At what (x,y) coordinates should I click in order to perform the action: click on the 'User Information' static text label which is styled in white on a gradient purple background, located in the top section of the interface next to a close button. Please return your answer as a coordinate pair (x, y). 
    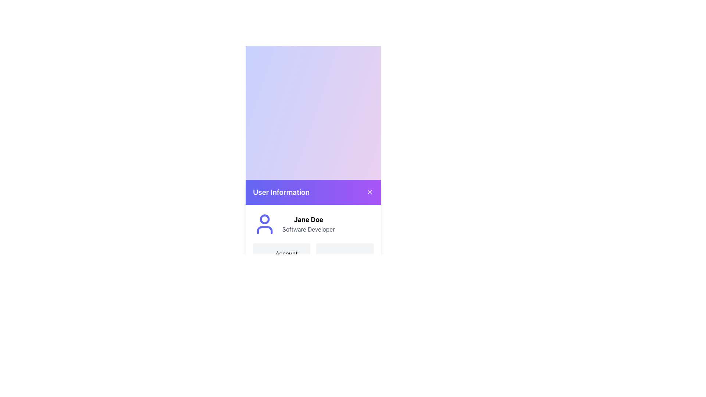
    Looking at the image, I should click on (281, 192).